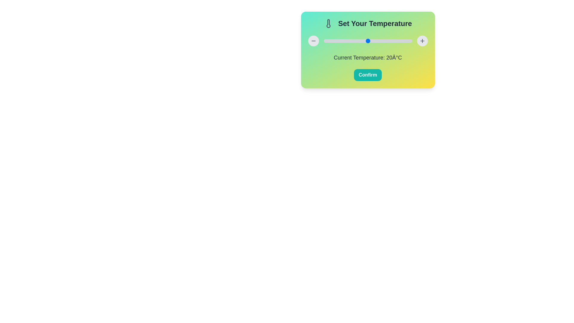 The height and width of the screenshot is (323, 574). I want to click on the 'Confirm' button to confirm the selected temperature, so click(367, 74).